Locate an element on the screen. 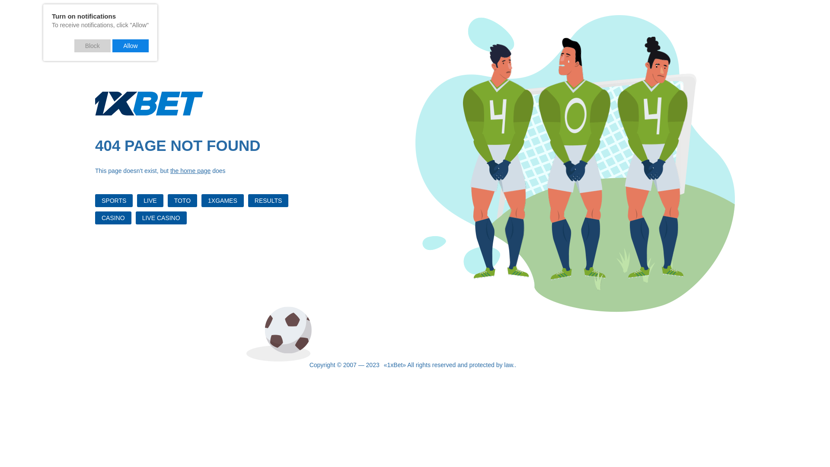 The width and height of the screenshot is (830, 467). 'Block' is located at coordinates (93, 45).